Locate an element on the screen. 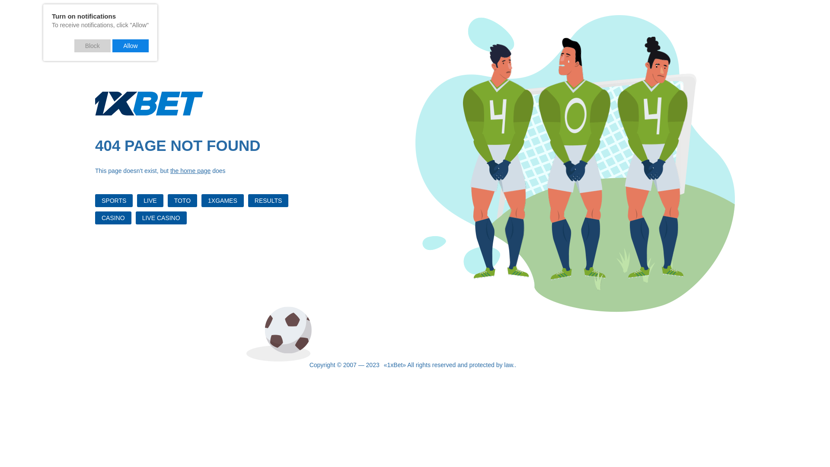 The width and height of the screenshot is (830, 467). 'Block' is located at coordinates (93, 45).